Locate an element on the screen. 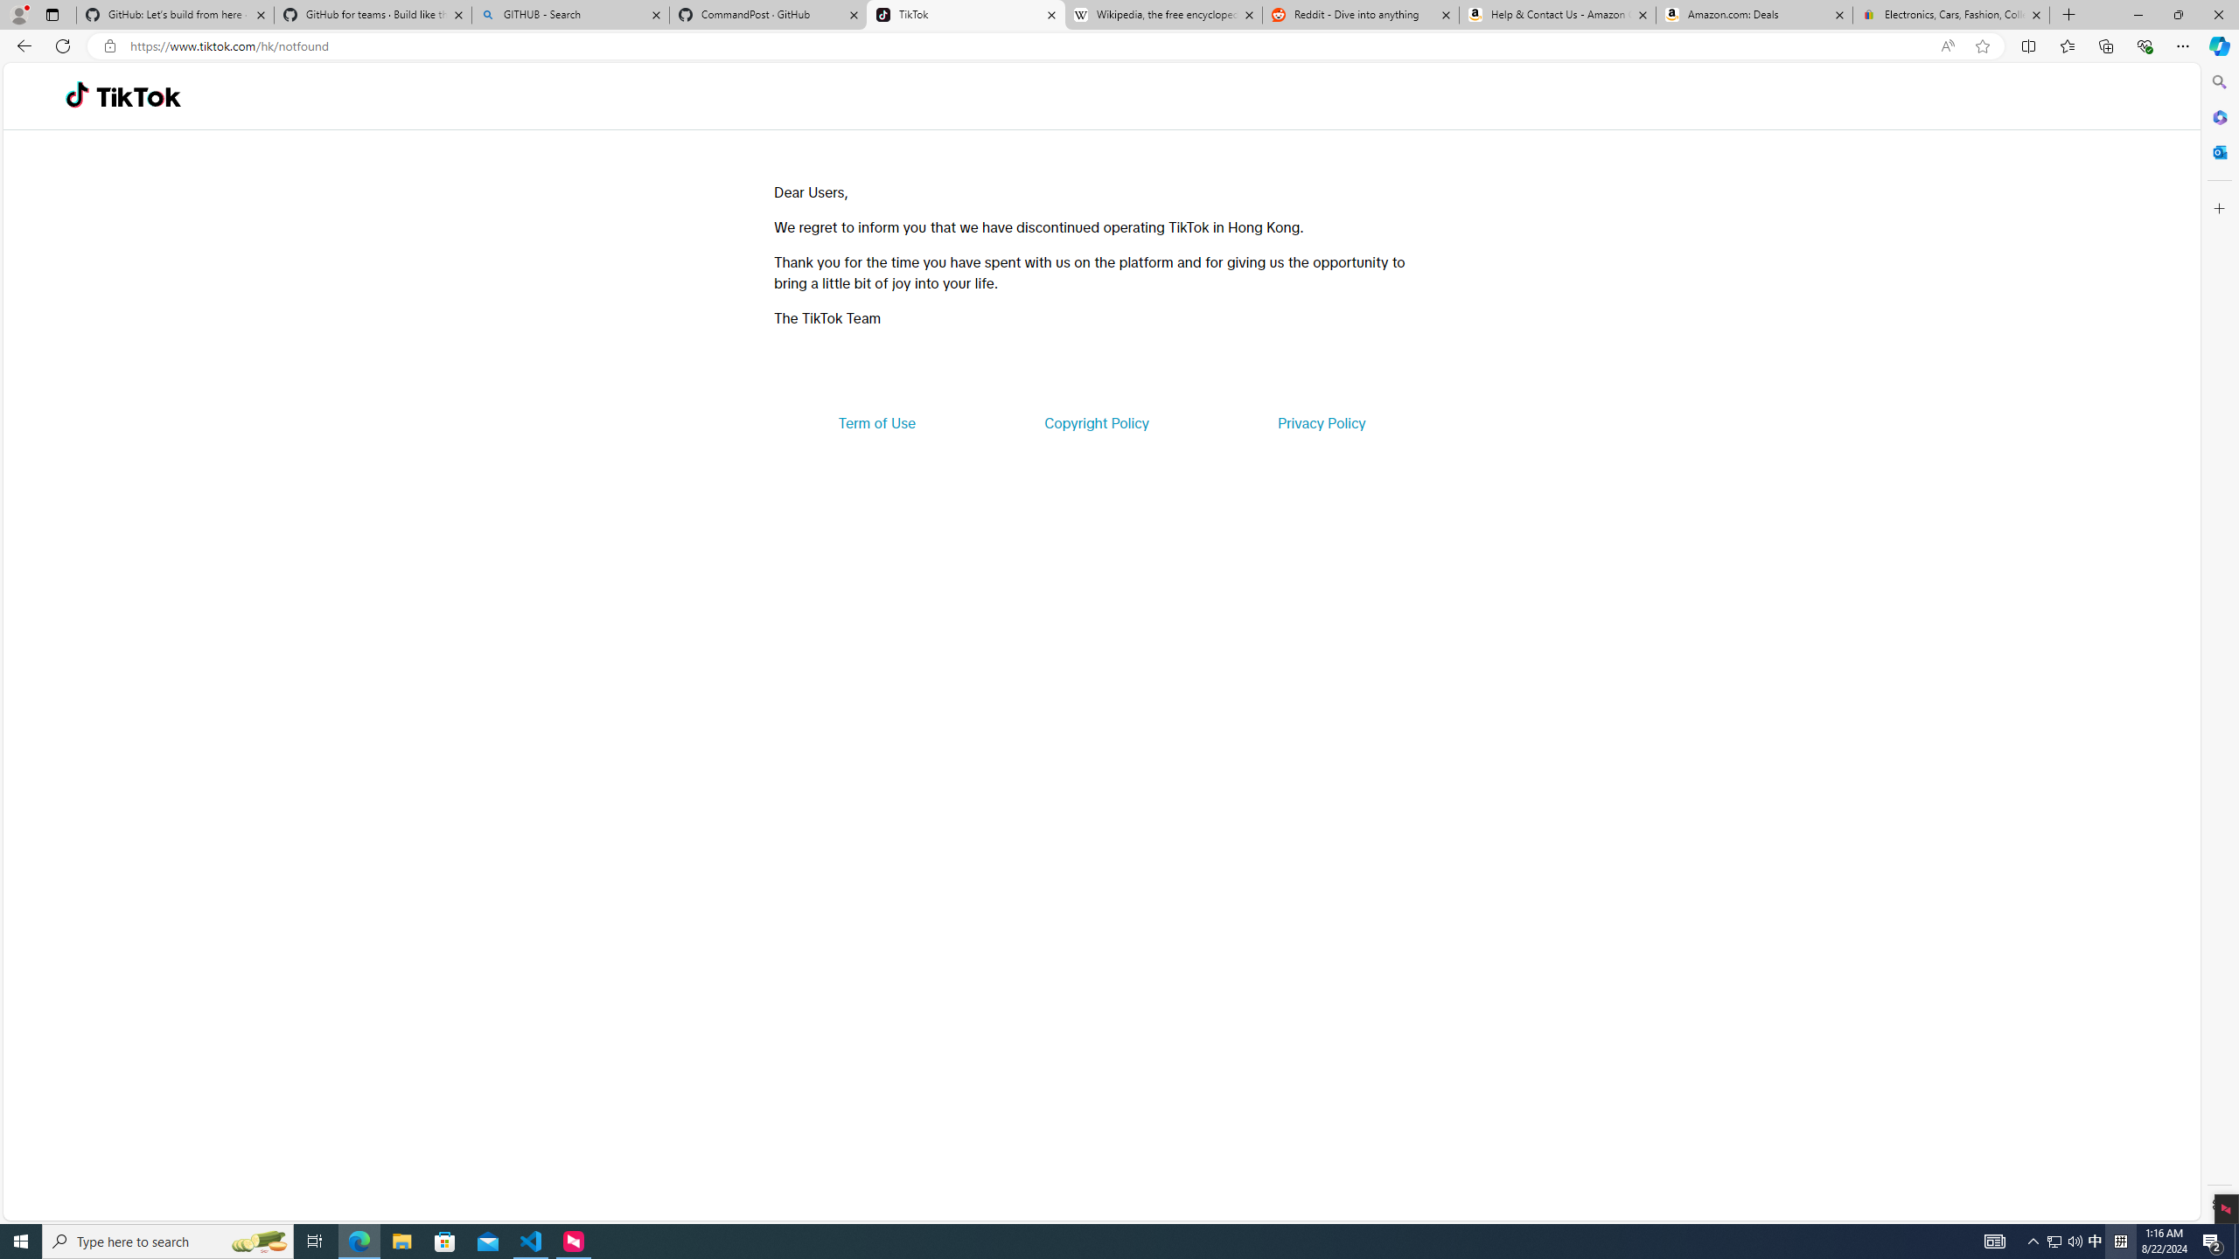 The width and height of the screenshot is (2239, 1259). 'Wikipedia, the free encyclopedia' is located at coordinates (1161, 14).